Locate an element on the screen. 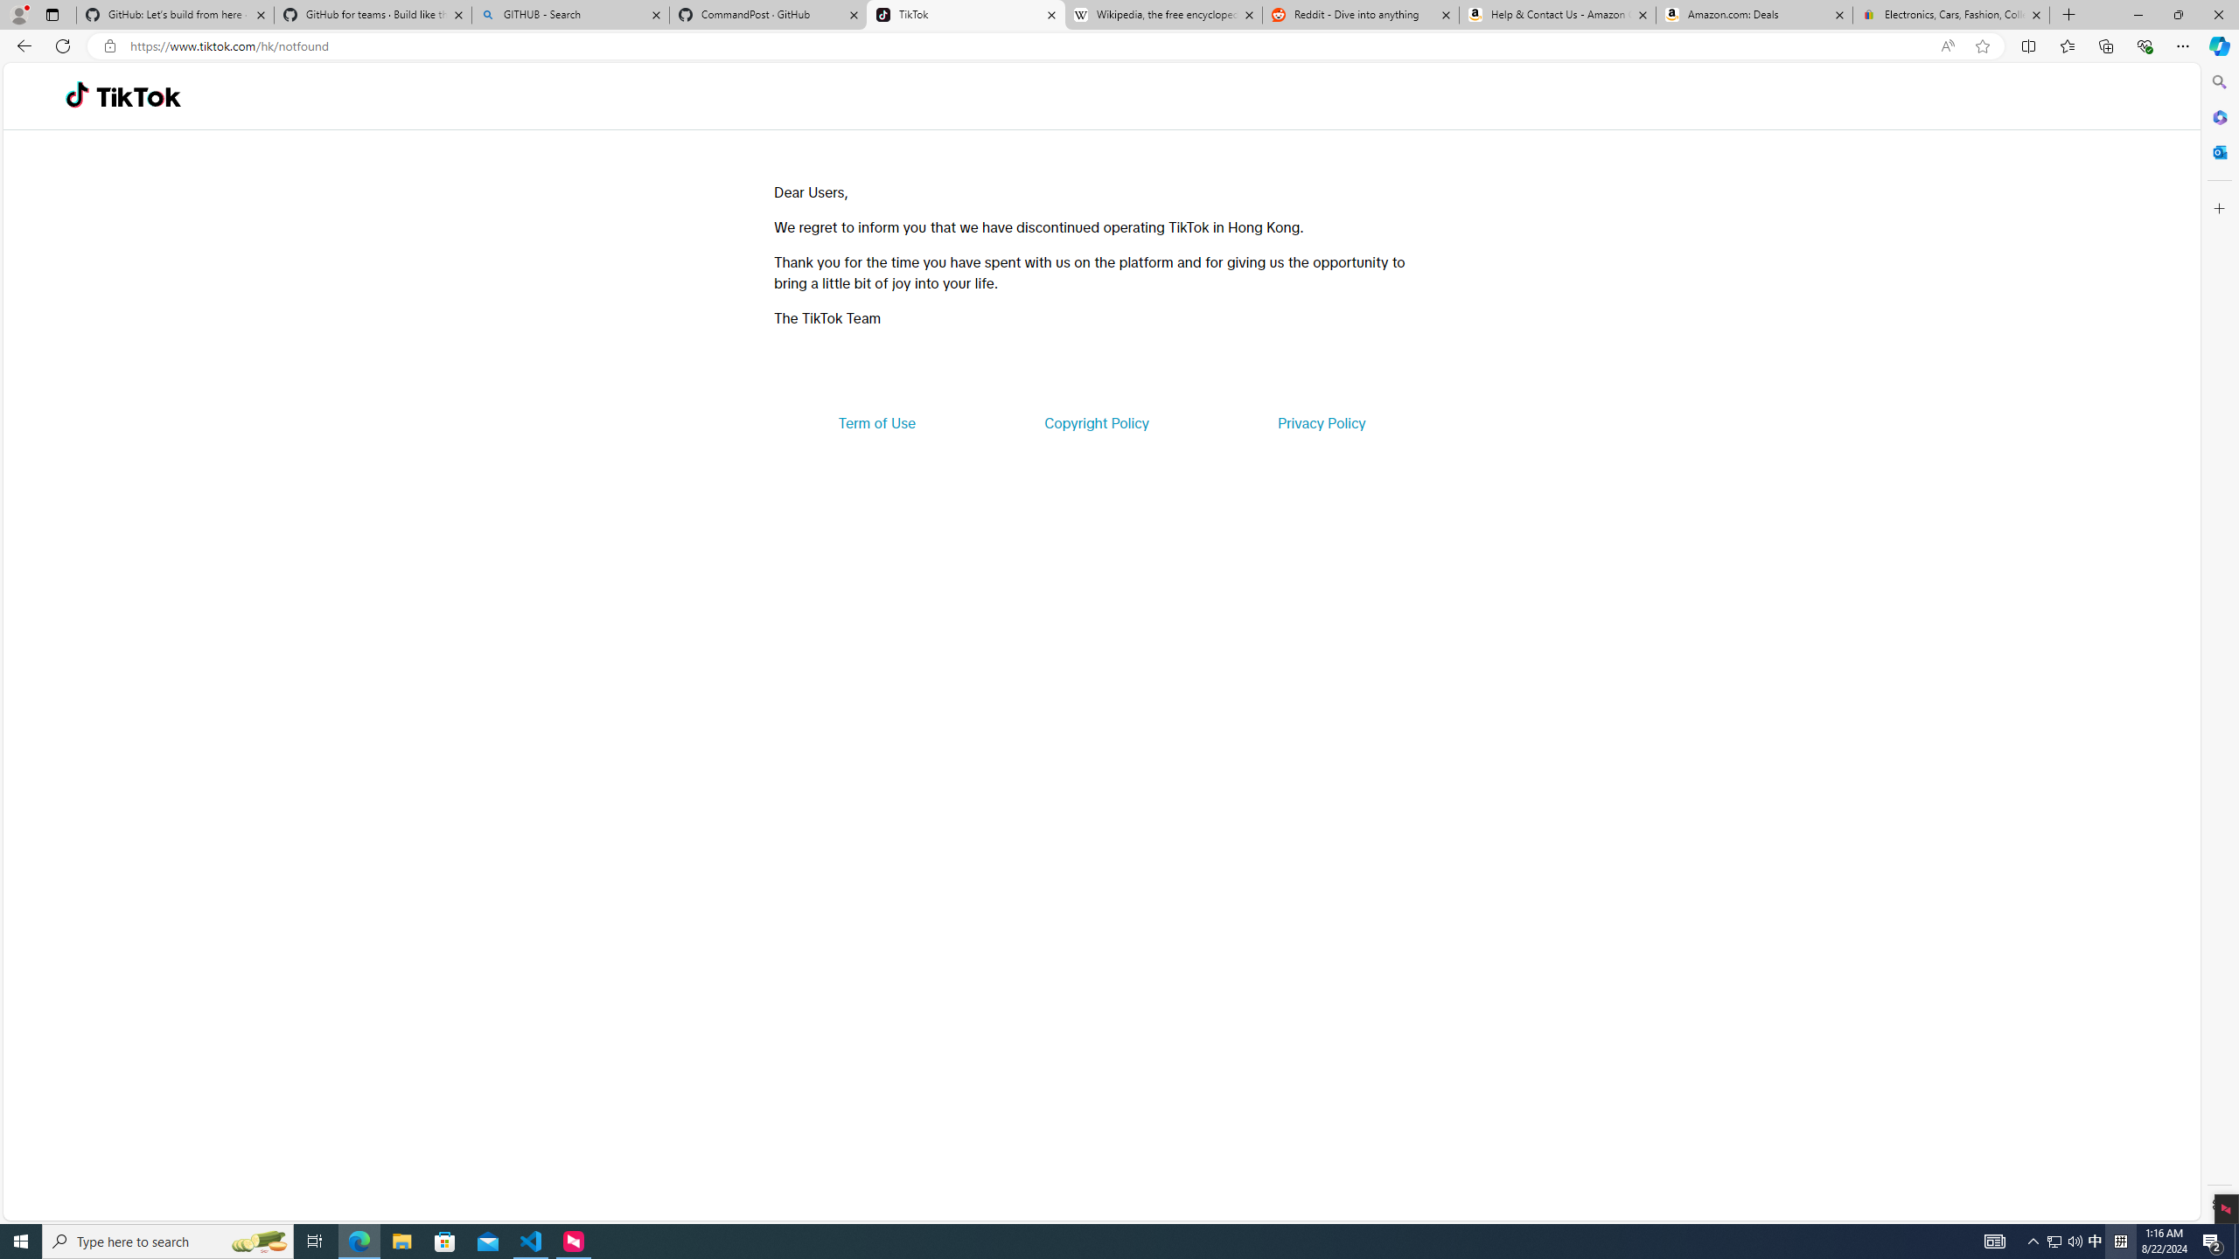 The width and height of the screenshot is (2239, 1259). 'Wikipedia, the free encyclopedia' is located at coordinates (1161, 14).